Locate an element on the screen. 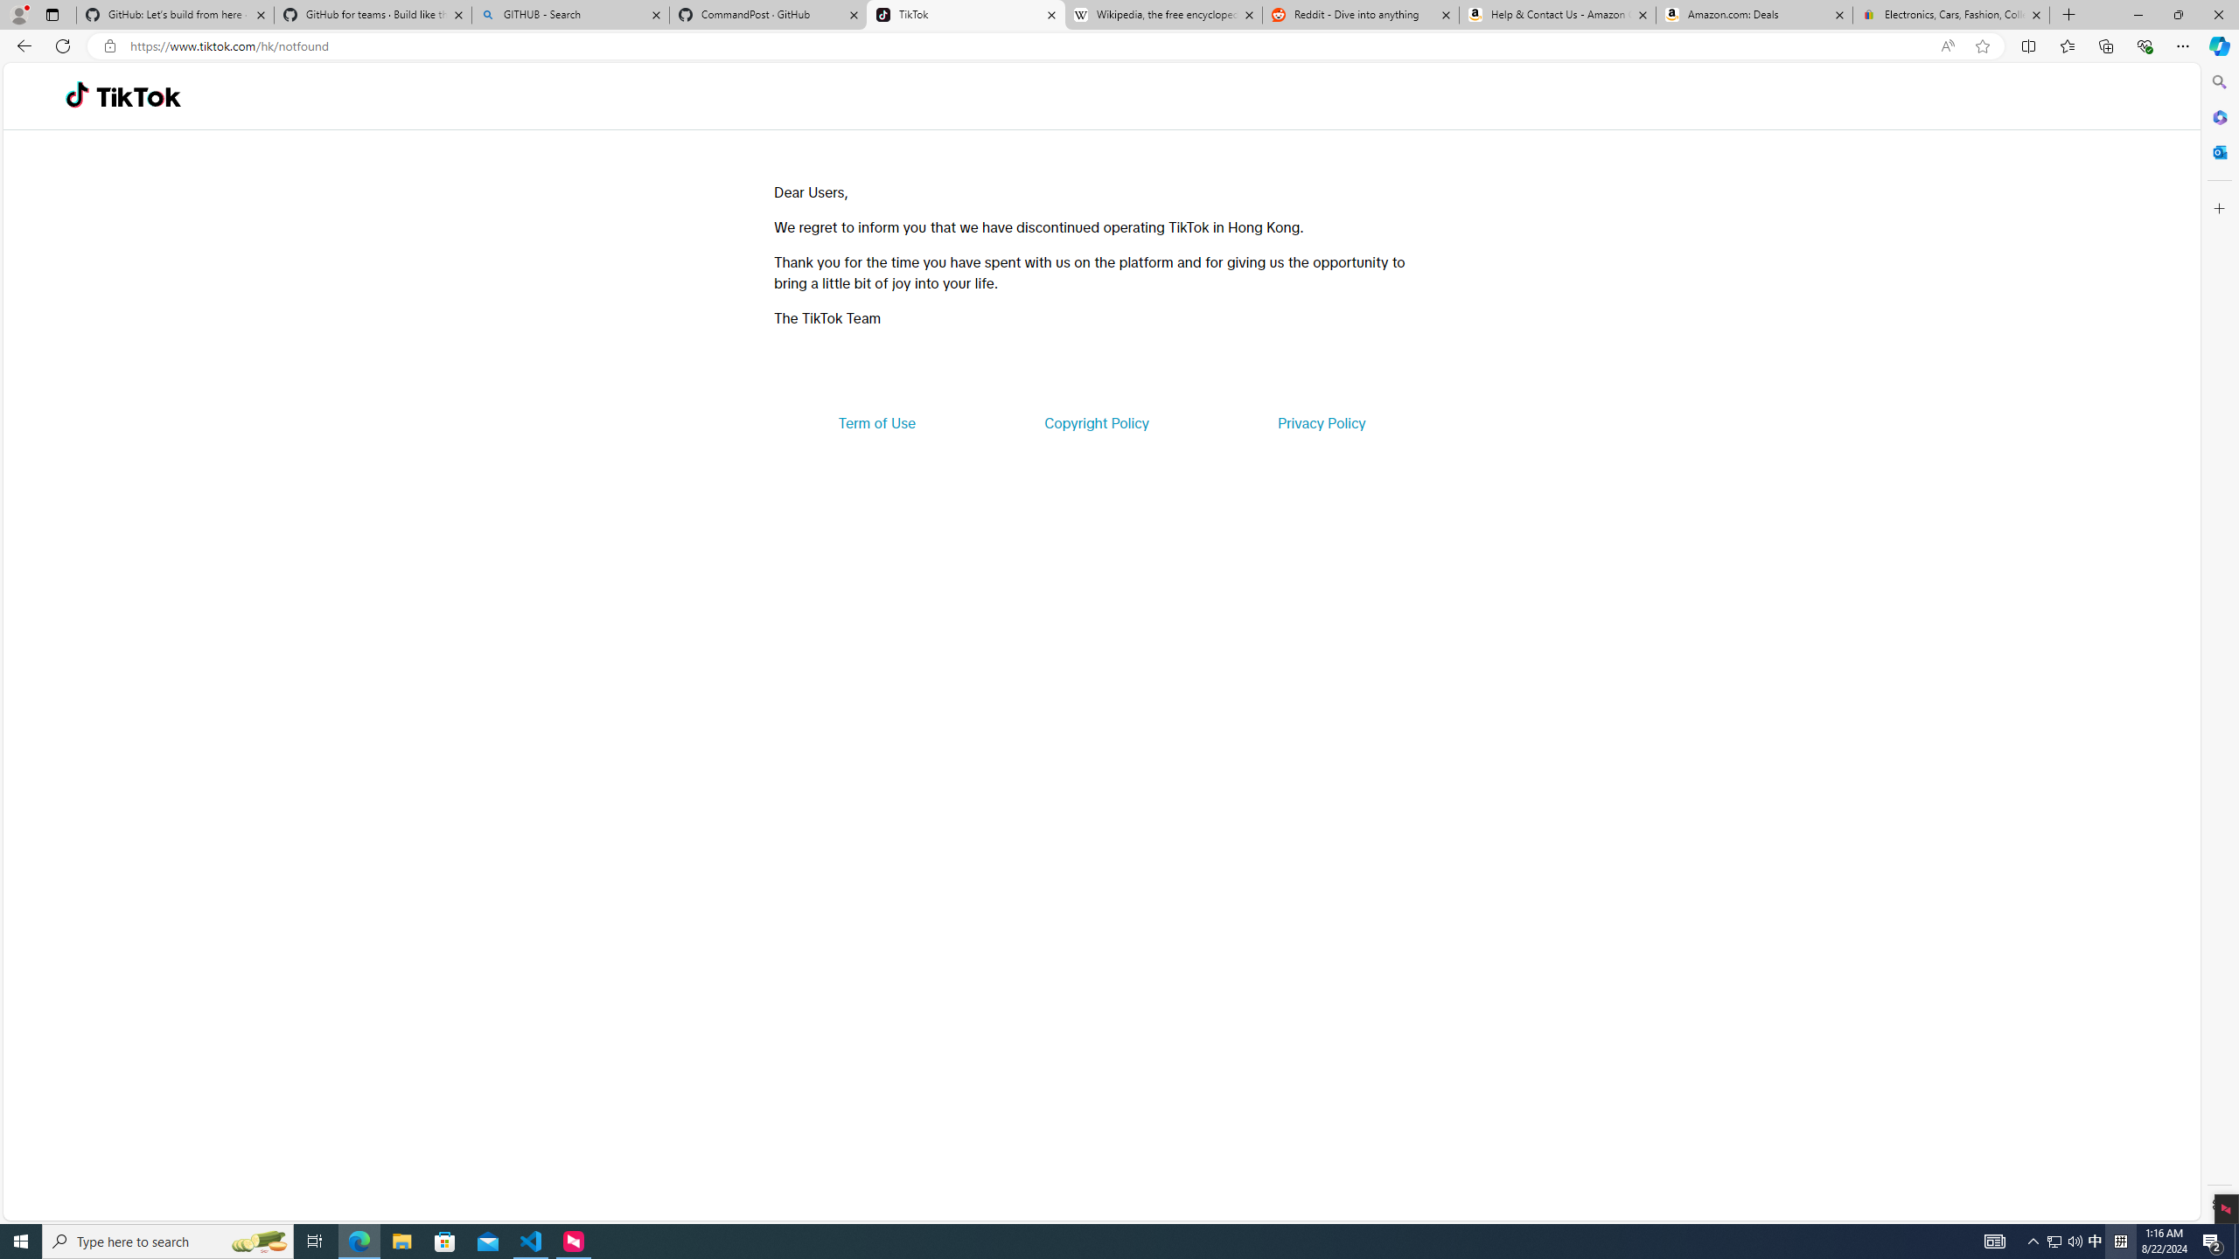 The width and height of the screenshot is (2239, 1259). 'Wikipedia, the free encyclopedia' is located at coordinates (1161, 14).